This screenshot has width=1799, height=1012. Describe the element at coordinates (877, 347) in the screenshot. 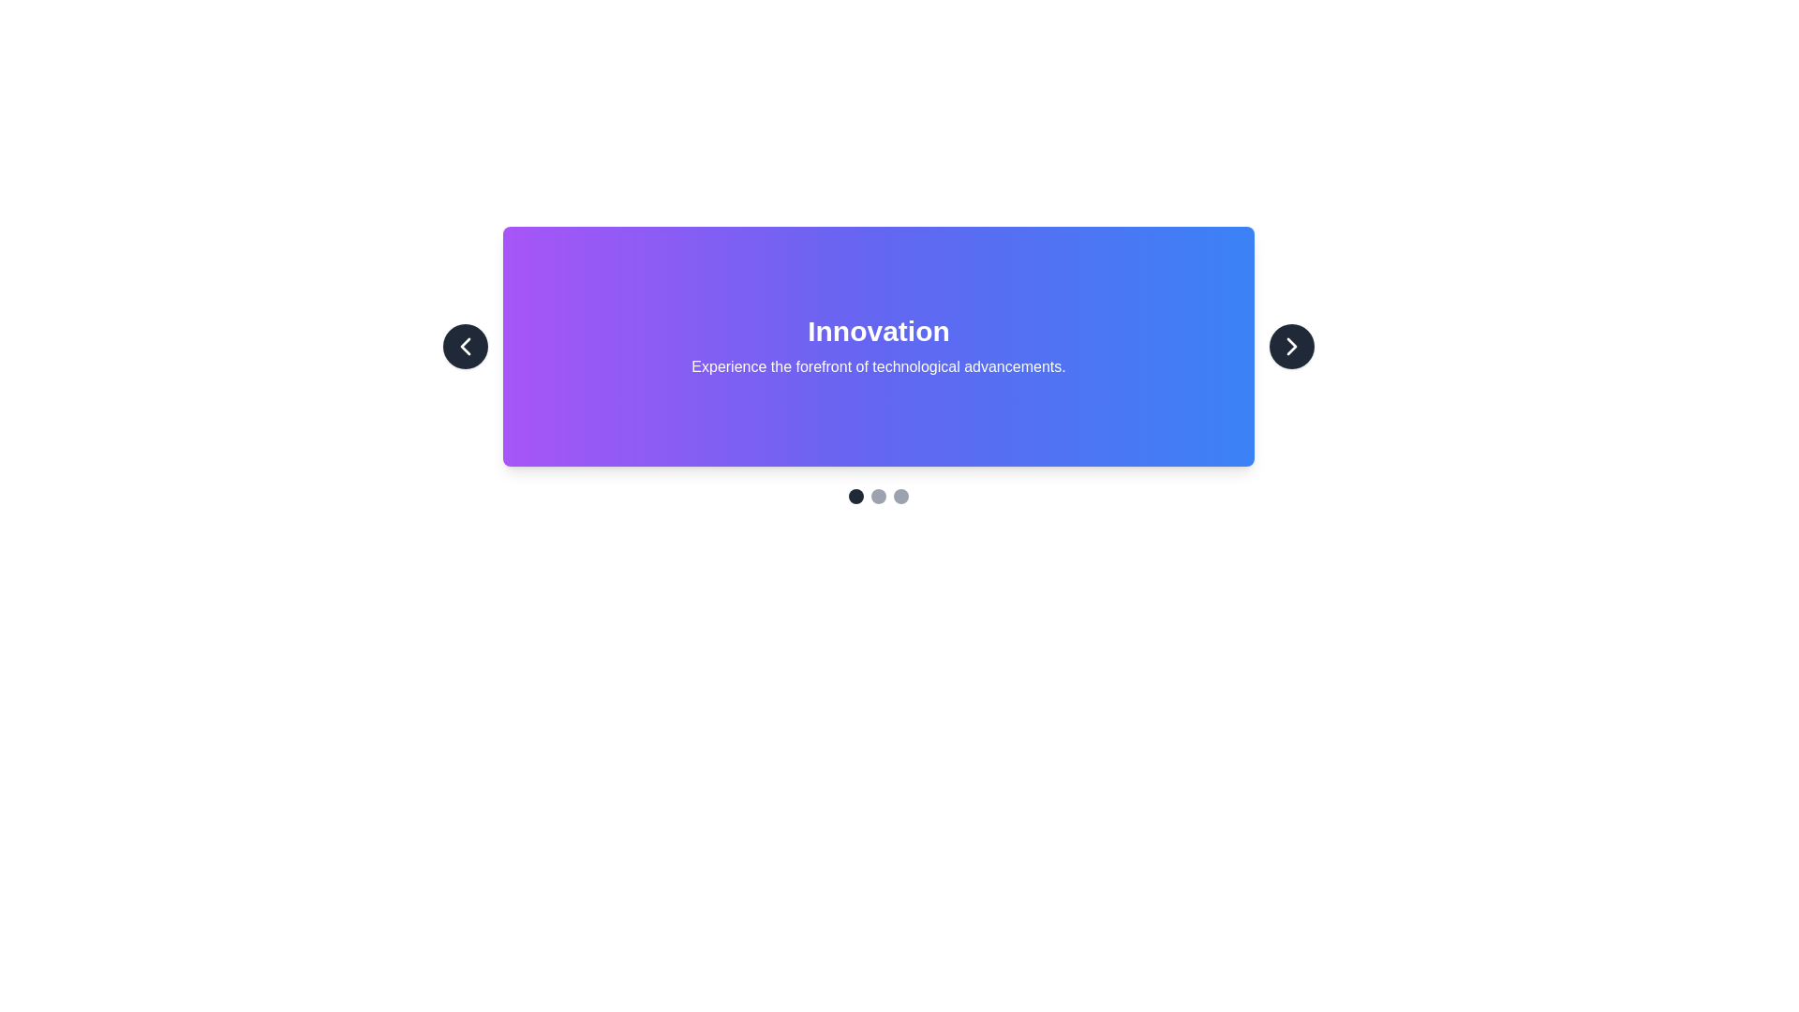

I see `the text block that prominently displays 'Innovation' and the subheading 'Experience the forefront of technological advancements'` at that location.